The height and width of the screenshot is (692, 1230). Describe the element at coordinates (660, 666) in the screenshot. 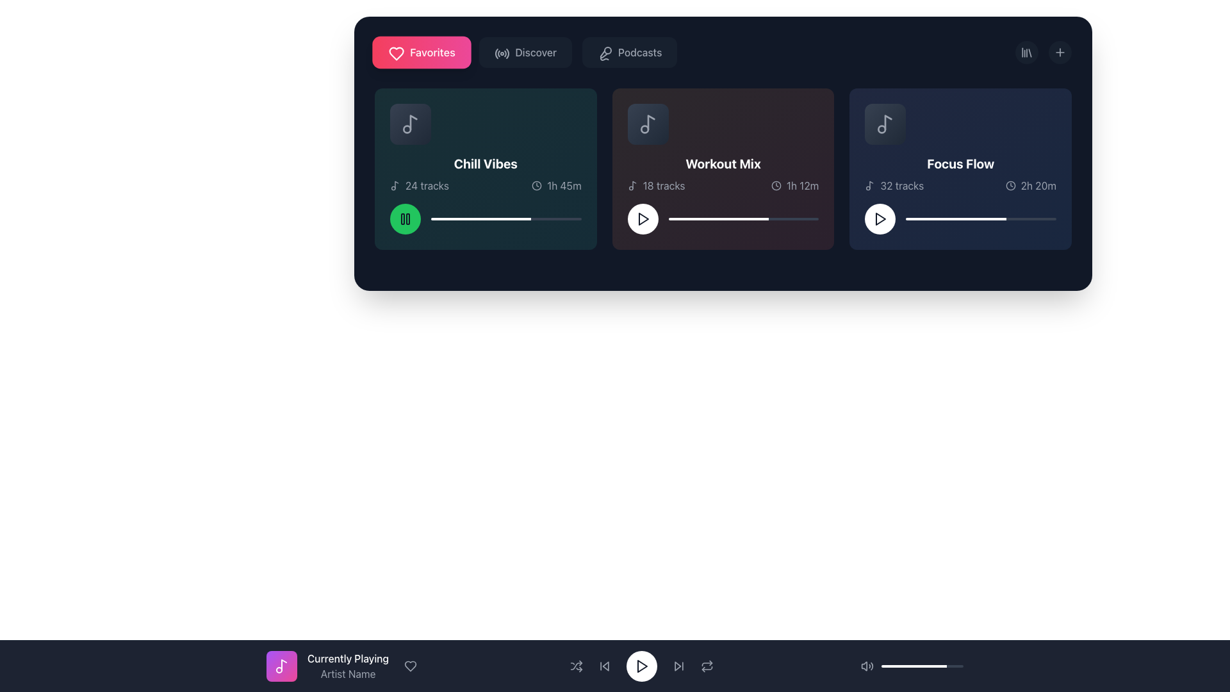

I see `the slider position` at that location.